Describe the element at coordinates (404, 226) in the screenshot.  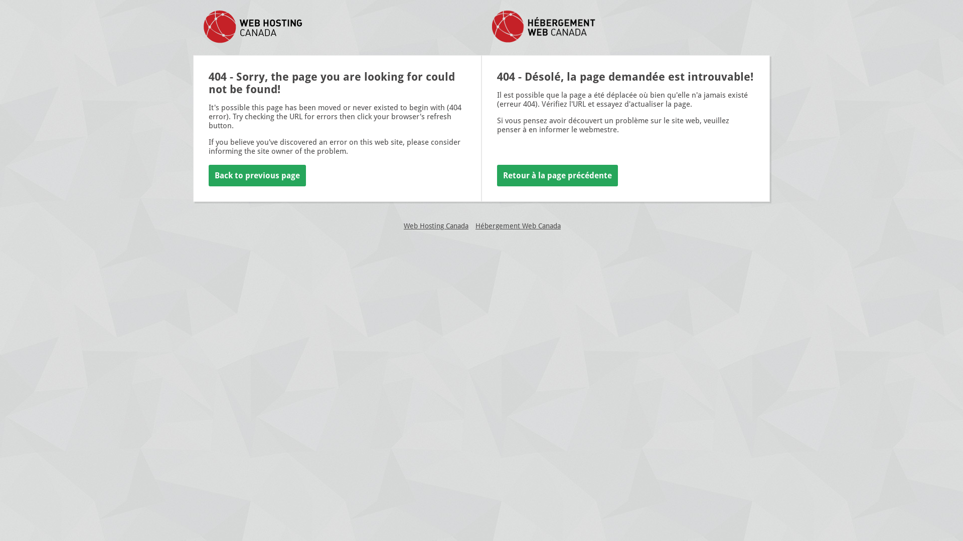
I see `'Web Hosting Canada'` at that location.